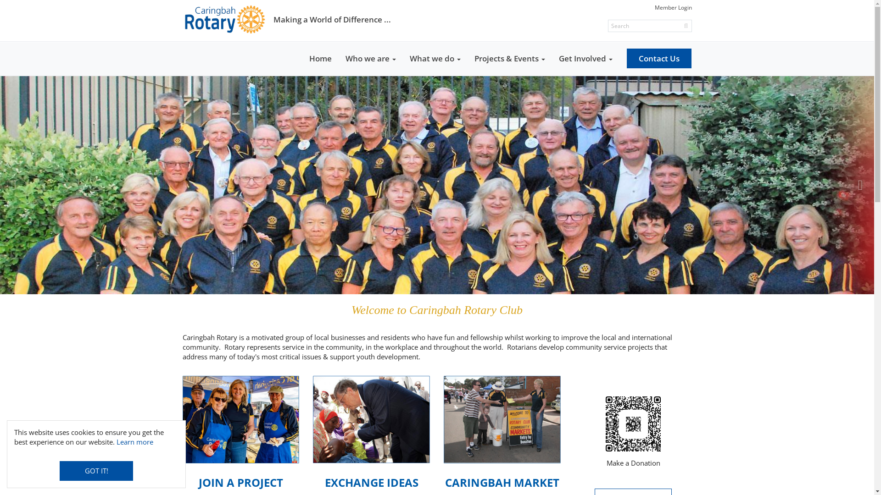 The height and width of the screenshot is (495, 881). I want to click on 'Home', so click(320, 58).